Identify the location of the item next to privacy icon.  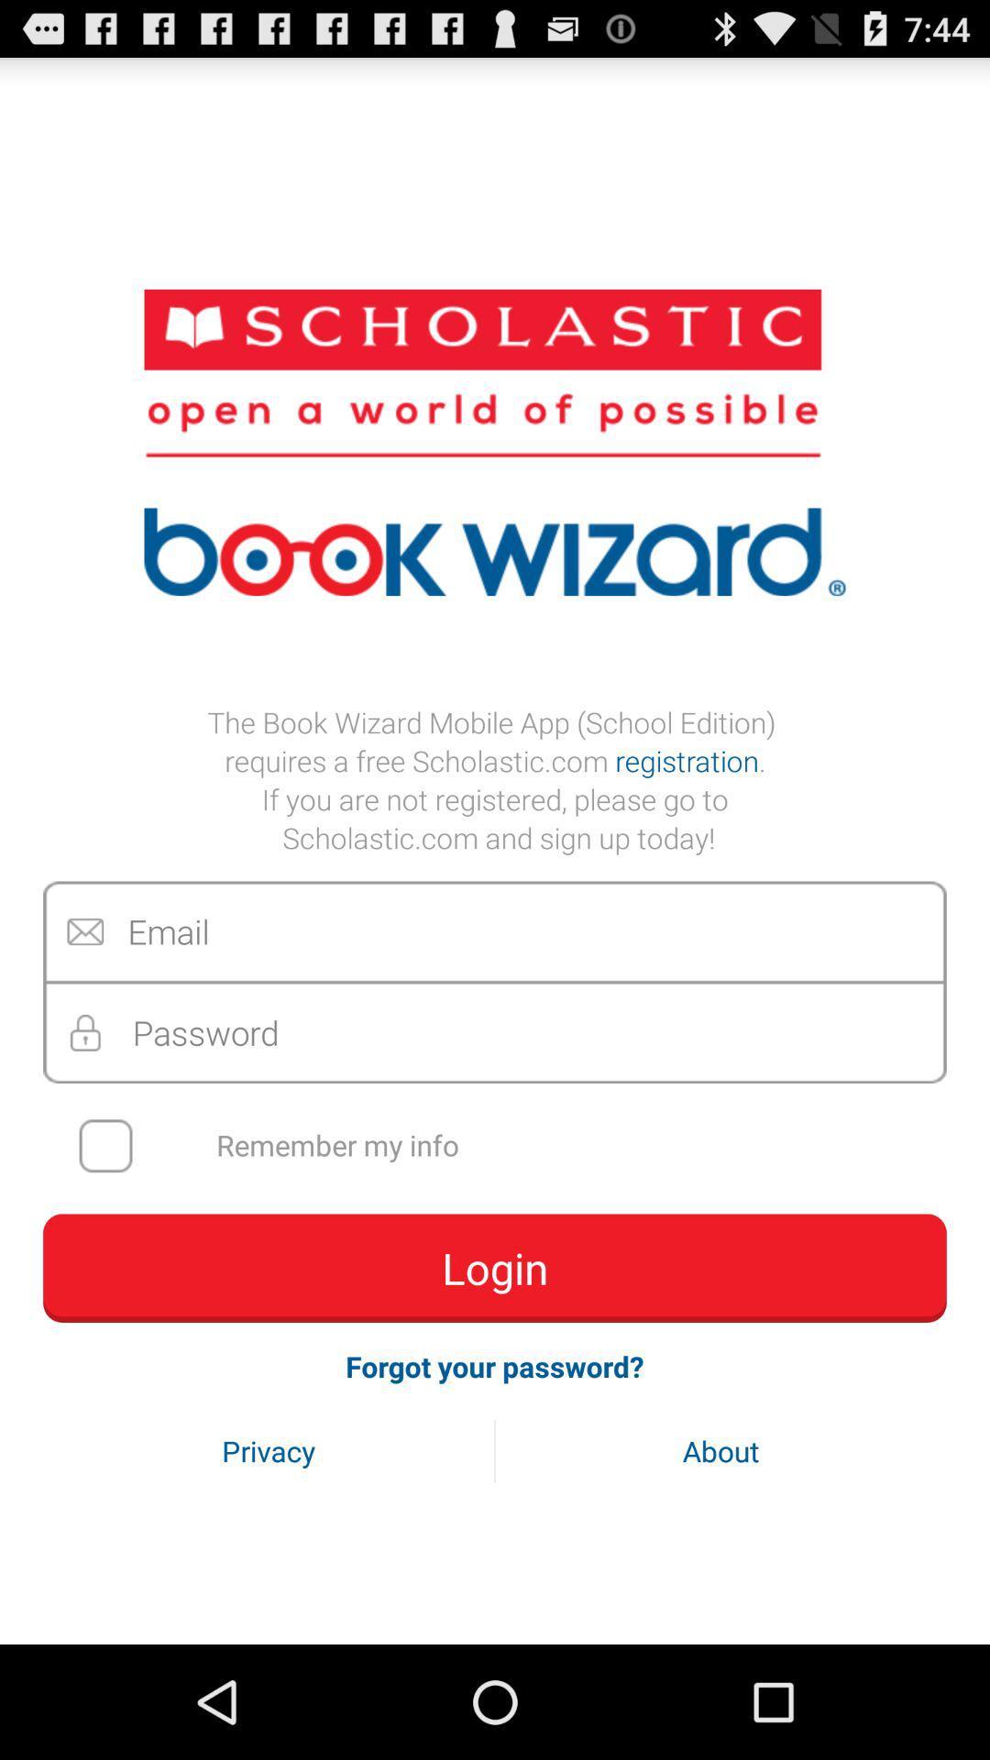
(720, 1450).